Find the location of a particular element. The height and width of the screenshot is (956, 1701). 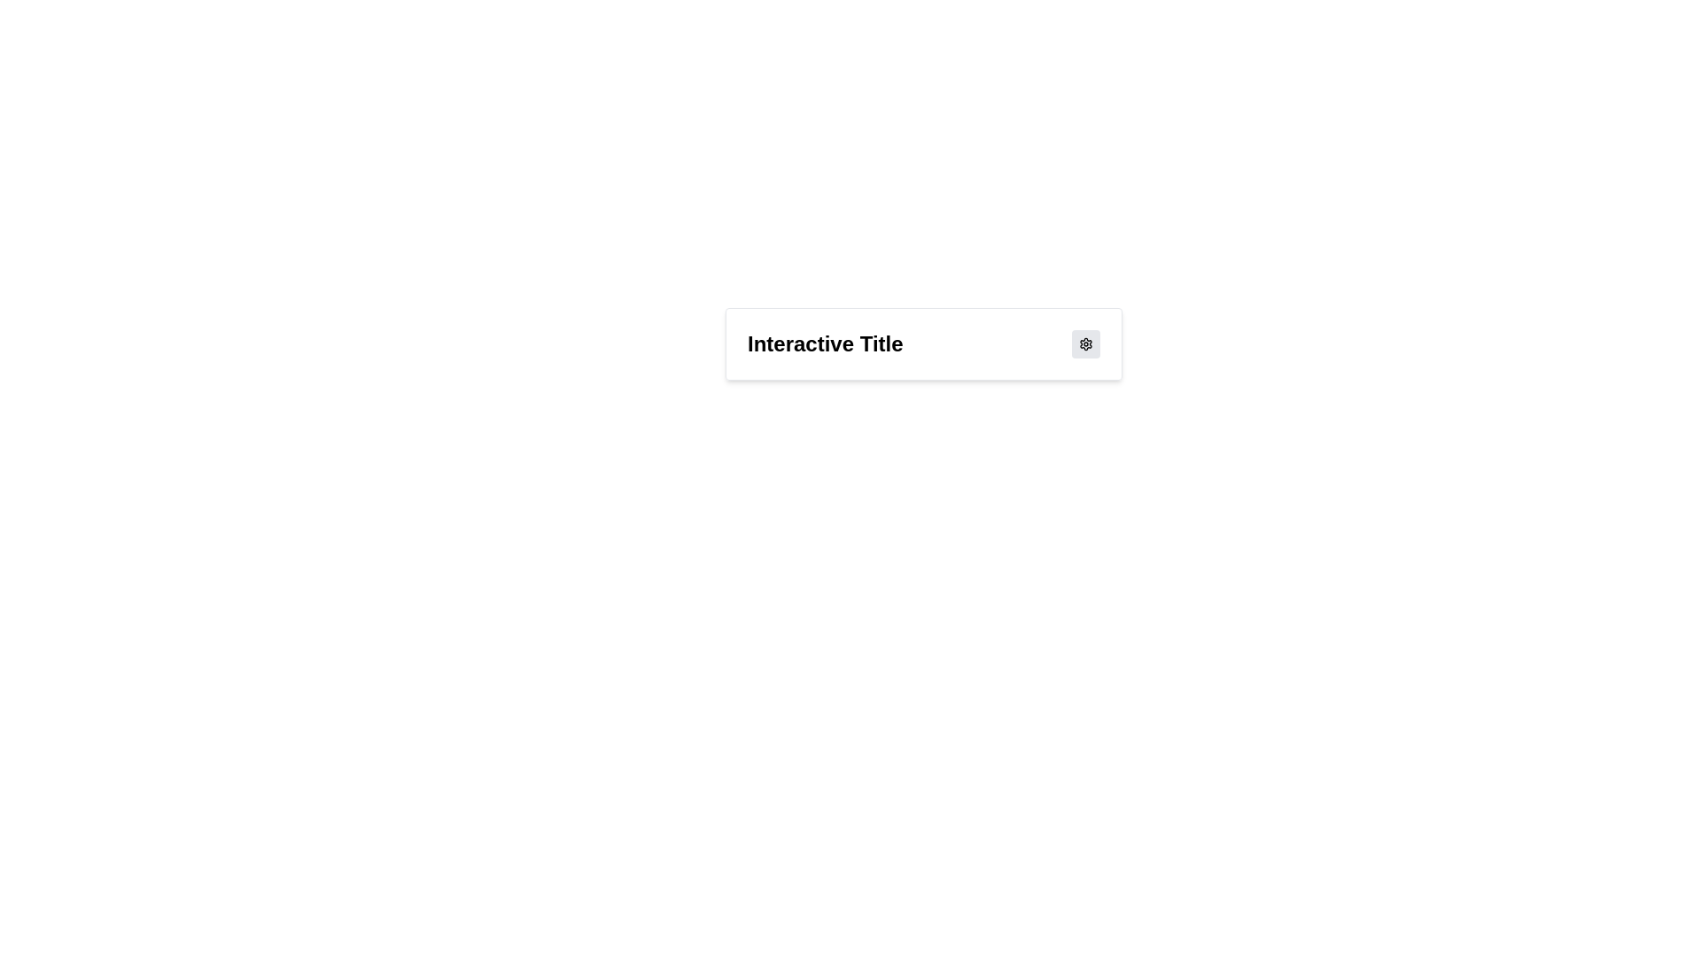

the gear icon for settings, which is styled as a cogwheel and located within a rounded rectangular button on the right end of the horizontal control bar is located at coordinates (1084, 344).